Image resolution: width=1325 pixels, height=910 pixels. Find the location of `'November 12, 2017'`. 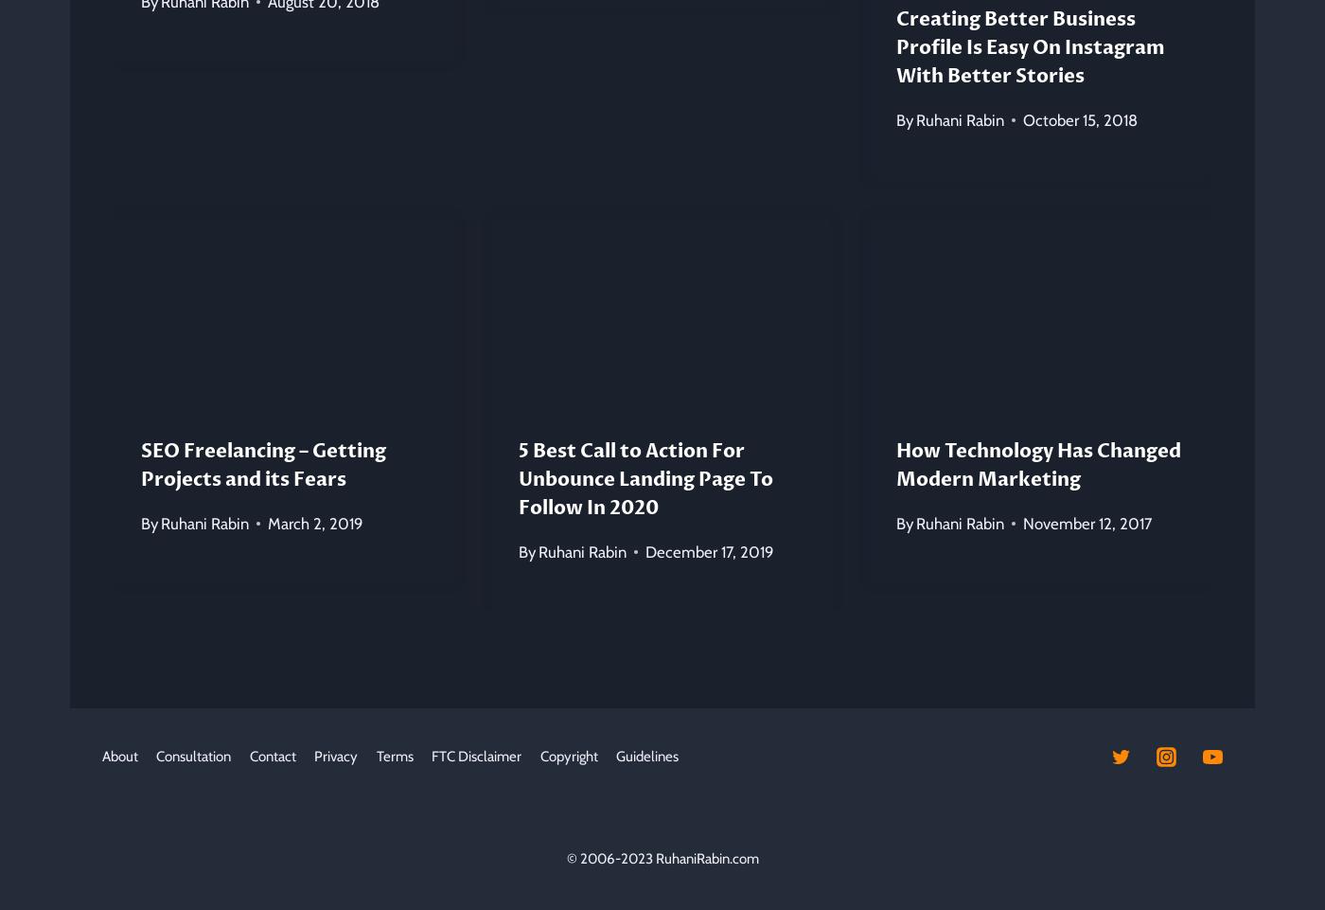

'November 12, 2017' is located at coordinates (1086, 521).